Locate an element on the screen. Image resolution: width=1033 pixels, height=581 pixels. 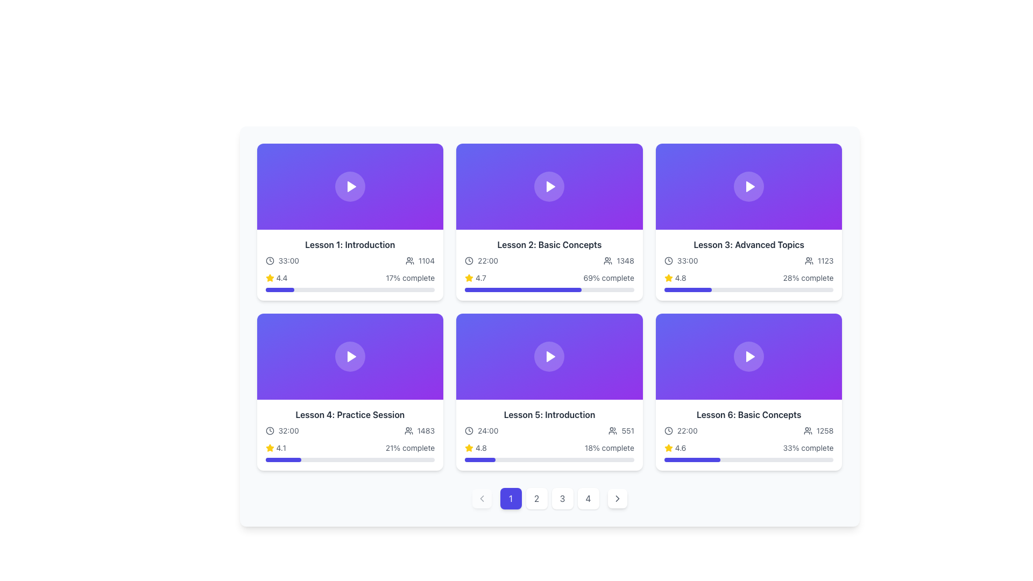
the play button icon that is a triangular shape pointing to the right, located at the center of the fifth card in a grid of six cards, which is positioned in the third column of the second row is located at coordinates (550, 357).